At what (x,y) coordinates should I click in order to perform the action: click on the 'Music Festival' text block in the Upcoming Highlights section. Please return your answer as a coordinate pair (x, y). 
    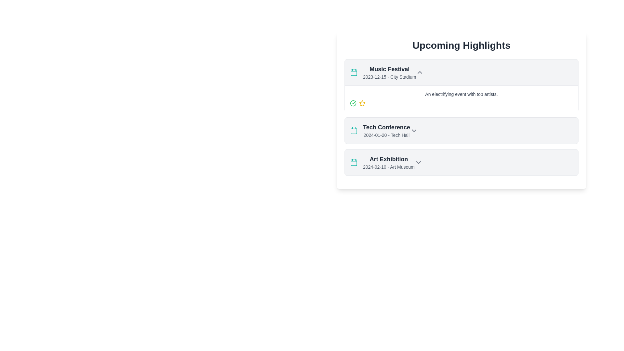
    Looking at the image, I should click on (389, 72).